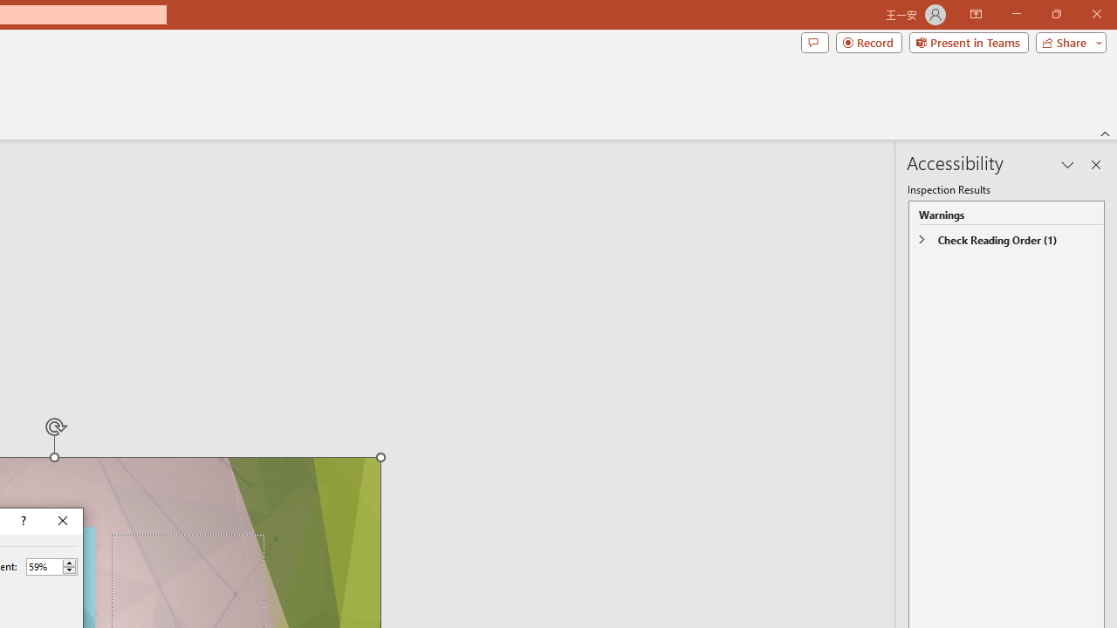  What do you see at coordinates (69, 570) in the screenshot?
I see `'Less'` at bounding box center [69, 570].